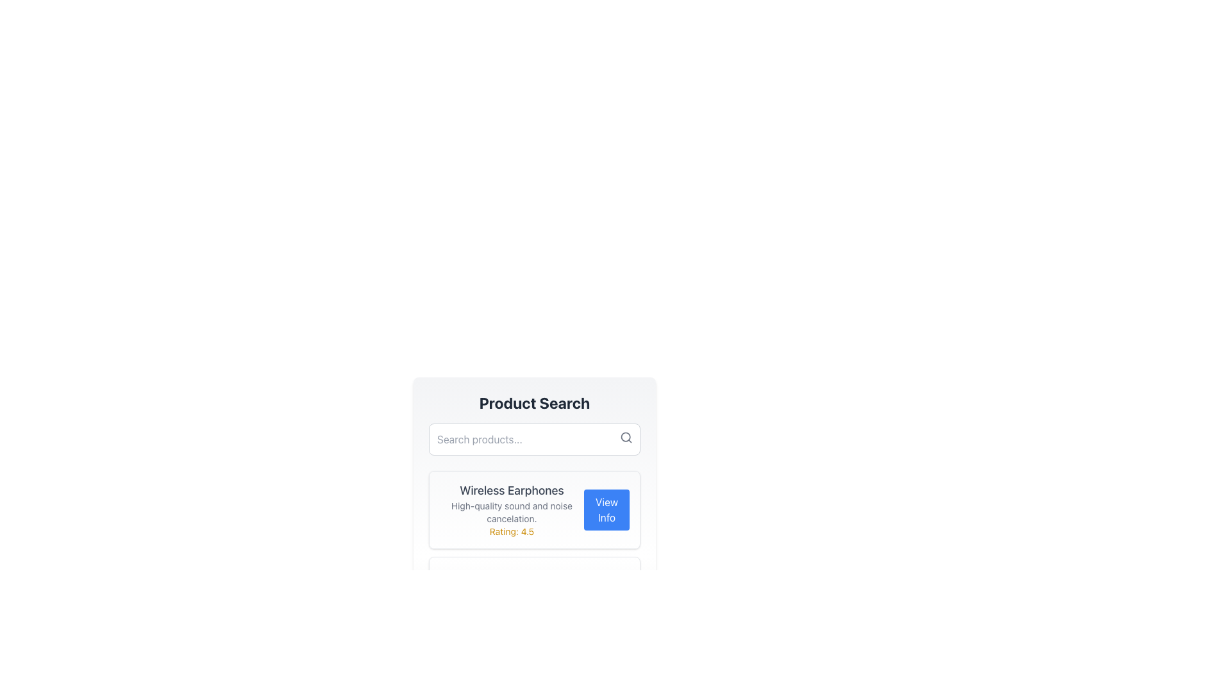 The image size is (1231, 692). Describe the element at coordinates (626, 436) in the screenshot. I see `the circular lens portion of the search icon, which is centered within the search bar component, positioned near the top-right corner` at that location.